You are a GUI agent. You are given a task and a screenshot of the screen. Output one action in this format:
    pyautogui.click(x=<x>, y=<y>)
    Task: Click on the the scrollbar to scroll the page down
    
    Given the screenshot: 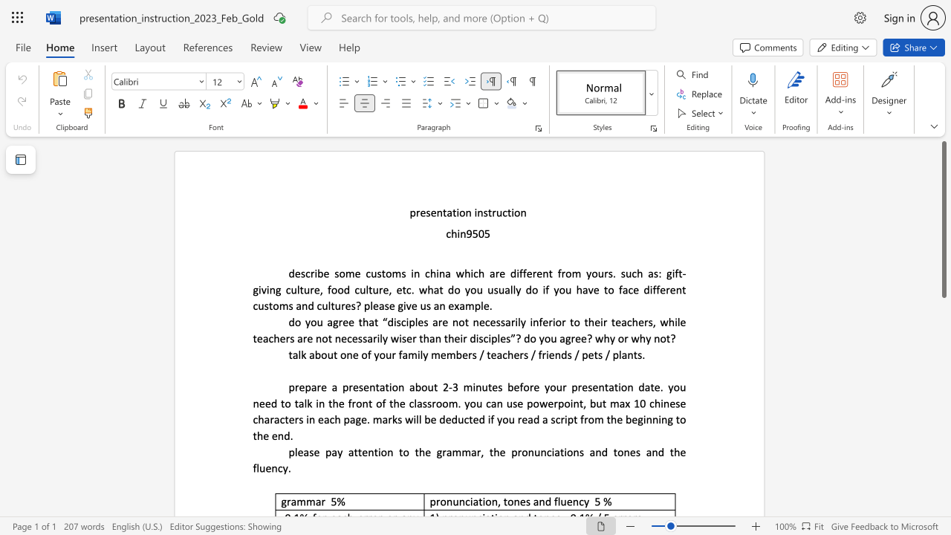 What is the action you would take?
    pyautogui.click(x=943, y=459)
    